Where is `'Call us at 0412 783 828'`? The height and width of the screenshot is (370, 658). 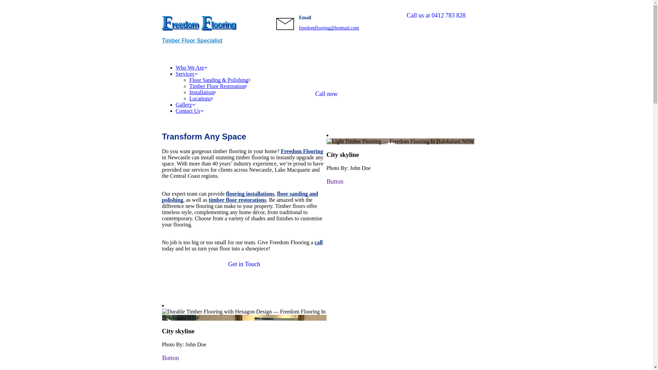
'Call us at 0412 783 828' is located at coordinates (436, 15).